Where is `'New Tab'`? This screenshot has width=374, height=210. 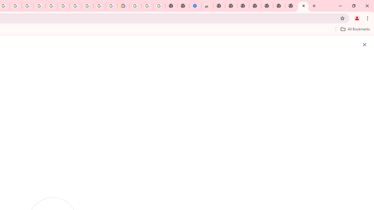 'New Tab' is located at coordinates (303, 6).